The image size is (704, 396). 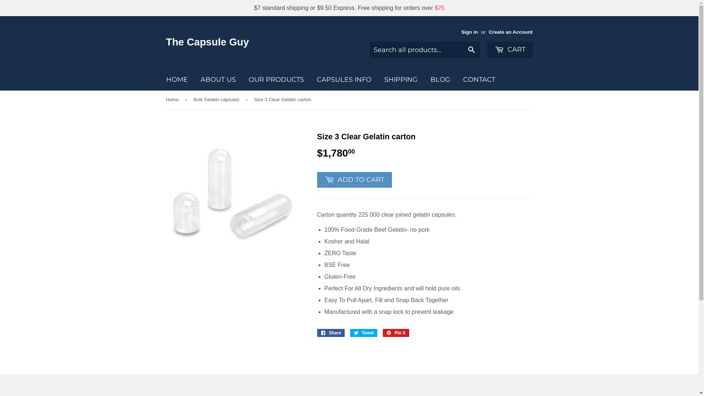 I want to click on 'Share, so click(x=330, y=333).